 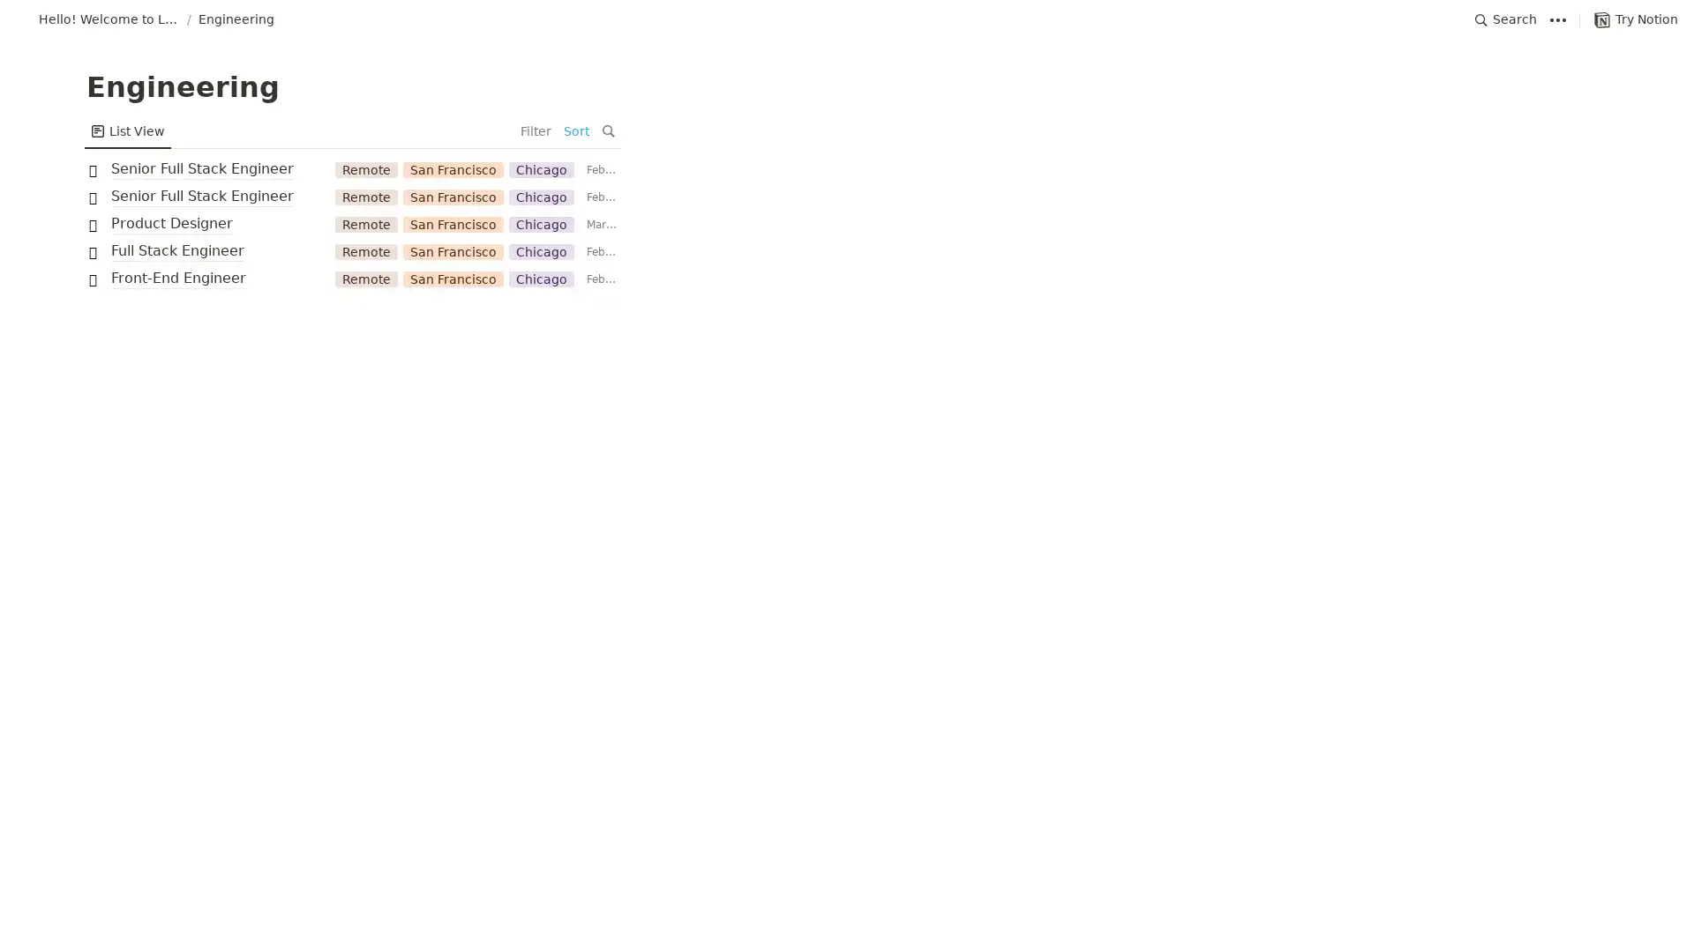 What do you see at coordinates (847, 197) in the screenshot?
I see `Senior Full Stack Engineer Remote San Francisco Chicago February 26, 2022 3:01 PM` at bounding box center [847, 197].